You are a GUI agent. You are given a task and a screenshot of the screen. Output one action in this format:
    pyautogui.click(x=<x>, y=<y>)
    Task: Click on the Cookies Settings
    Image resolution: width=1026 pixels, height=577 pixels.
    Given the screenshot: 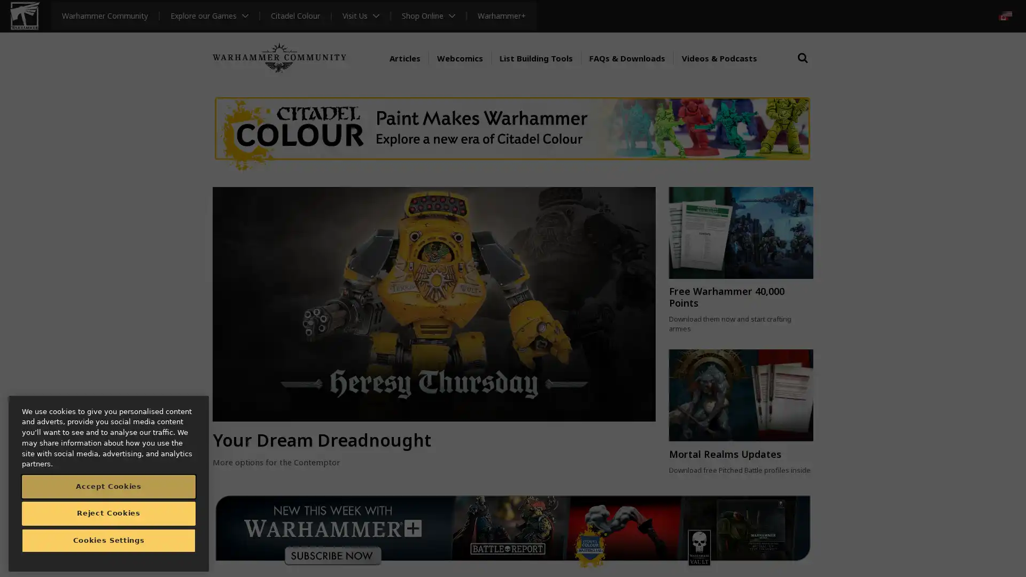 What is the action you would take?
    pyautogui.click(x=108, y=540)
    